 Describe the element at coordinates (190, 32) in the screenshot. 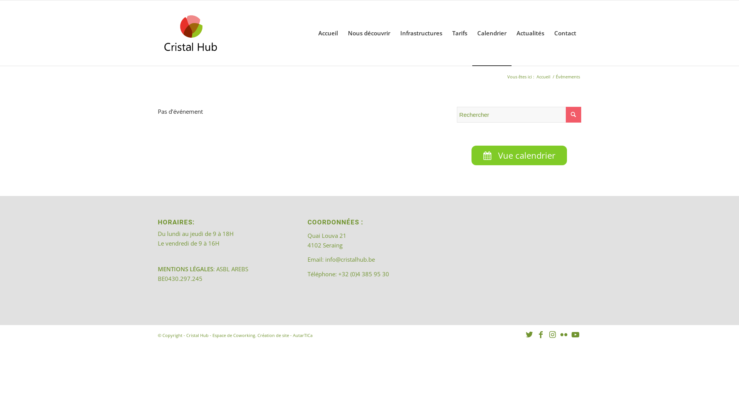

I see `'202308_logo_CristalHub'` at that location.